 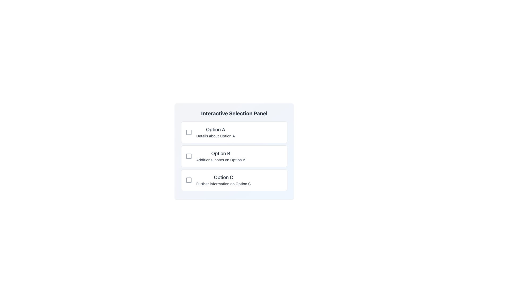 What do you see at coordinates (234, 156) in the screenshot?
I see `the Option card with associated text and checkbox located in the centered selection panel, which is the second option in a vertical stack` at bounding box center [234, 156].